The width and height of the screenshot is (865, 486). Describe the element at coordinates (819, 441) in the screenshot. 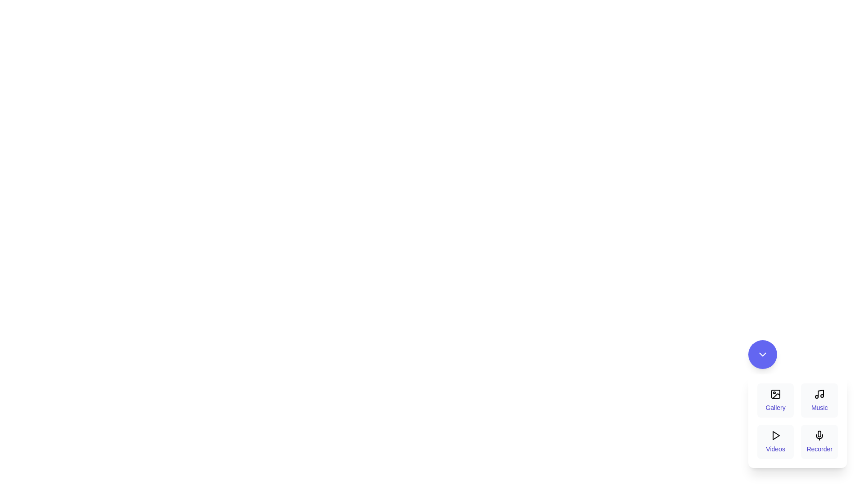

I see `the 'Recorder' button to select it` at that location.